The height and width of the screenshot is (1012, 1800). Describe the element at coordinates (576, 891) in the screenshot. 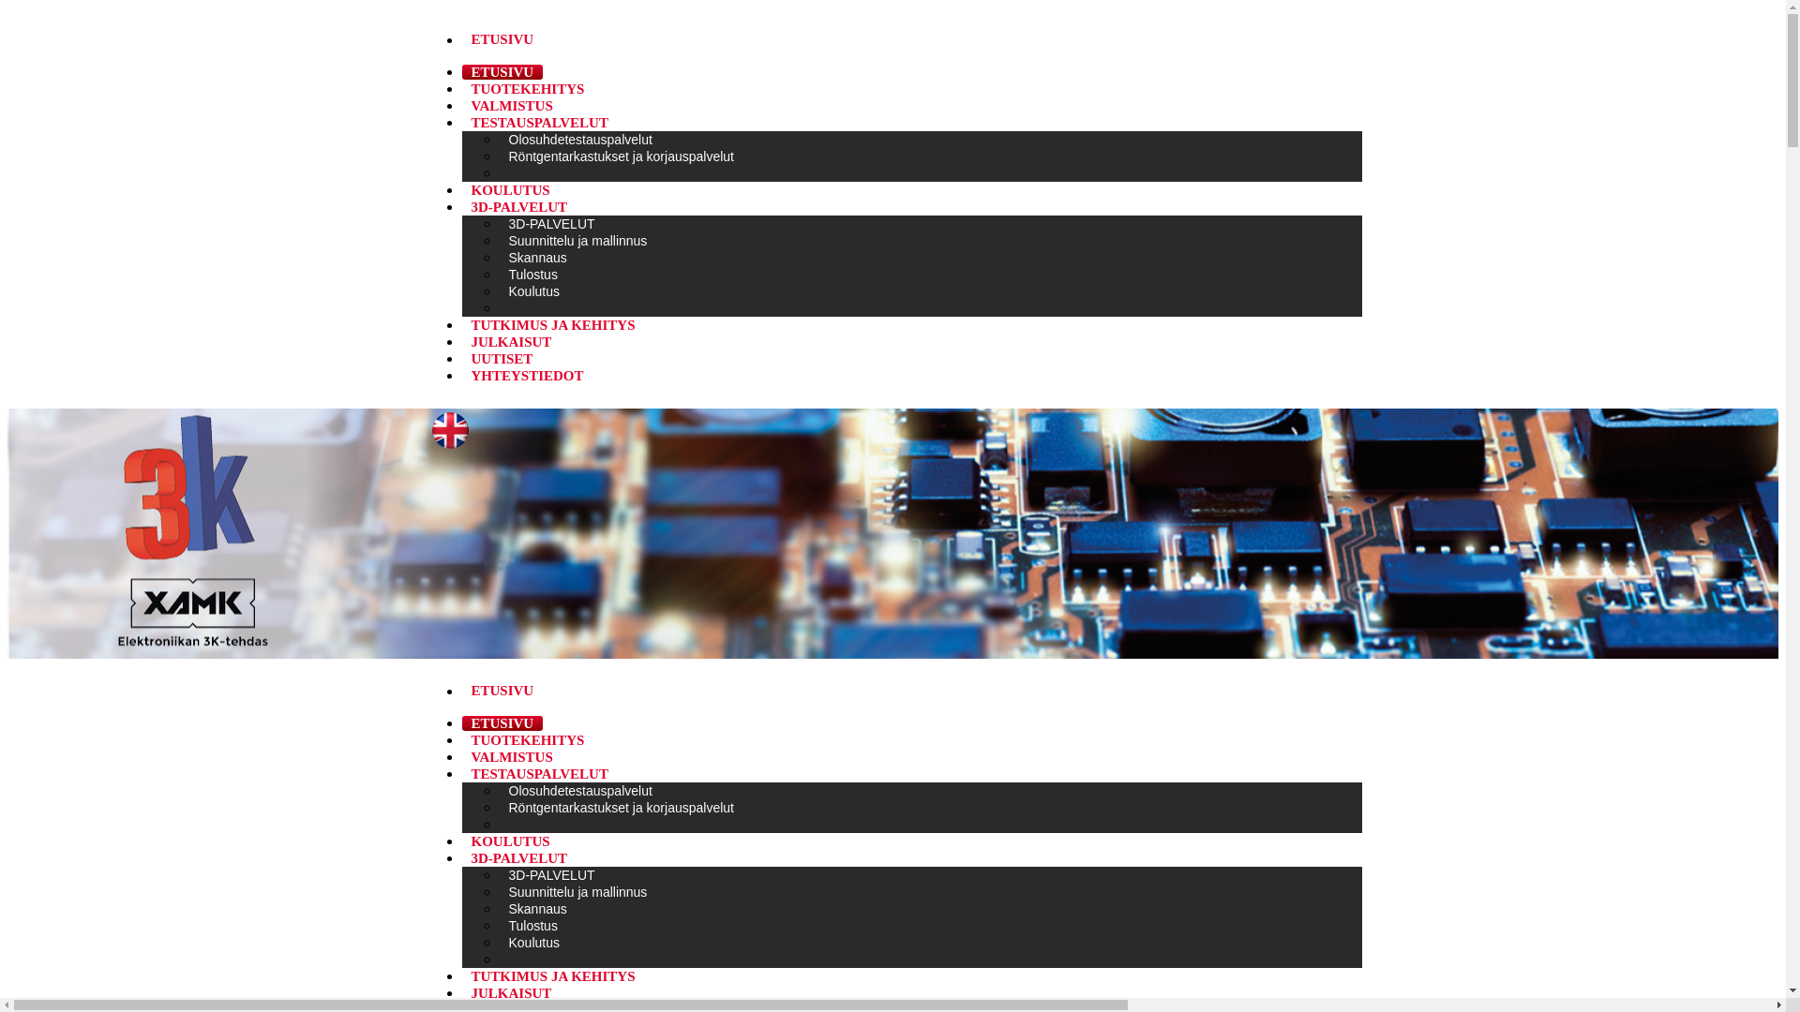

I see `'Suunnittelu ja mallinnus'` at that location.